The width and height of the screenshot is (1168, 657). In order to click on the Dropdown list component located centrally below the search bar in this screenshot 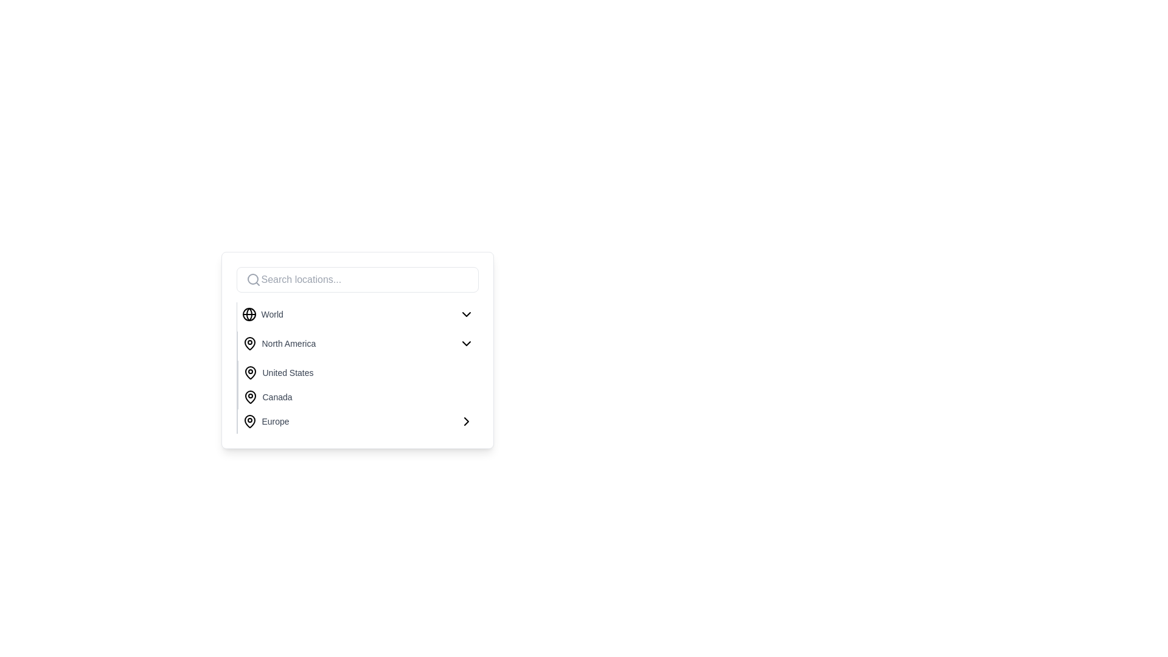, I will do `click(356, 361)`.